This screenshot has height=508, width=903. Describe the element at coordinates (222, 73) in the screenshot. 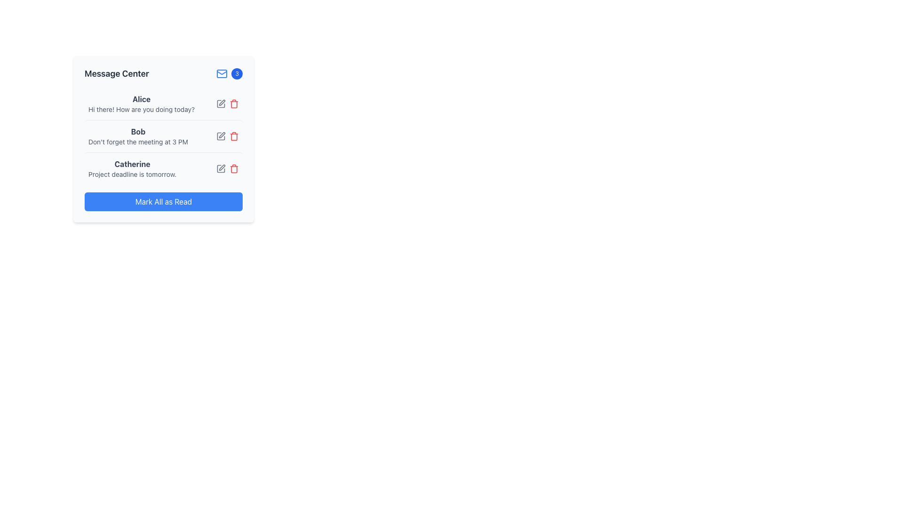

I see `the graphical icon component of the mail envelope located at the top-right corner of the message center card` at that location.